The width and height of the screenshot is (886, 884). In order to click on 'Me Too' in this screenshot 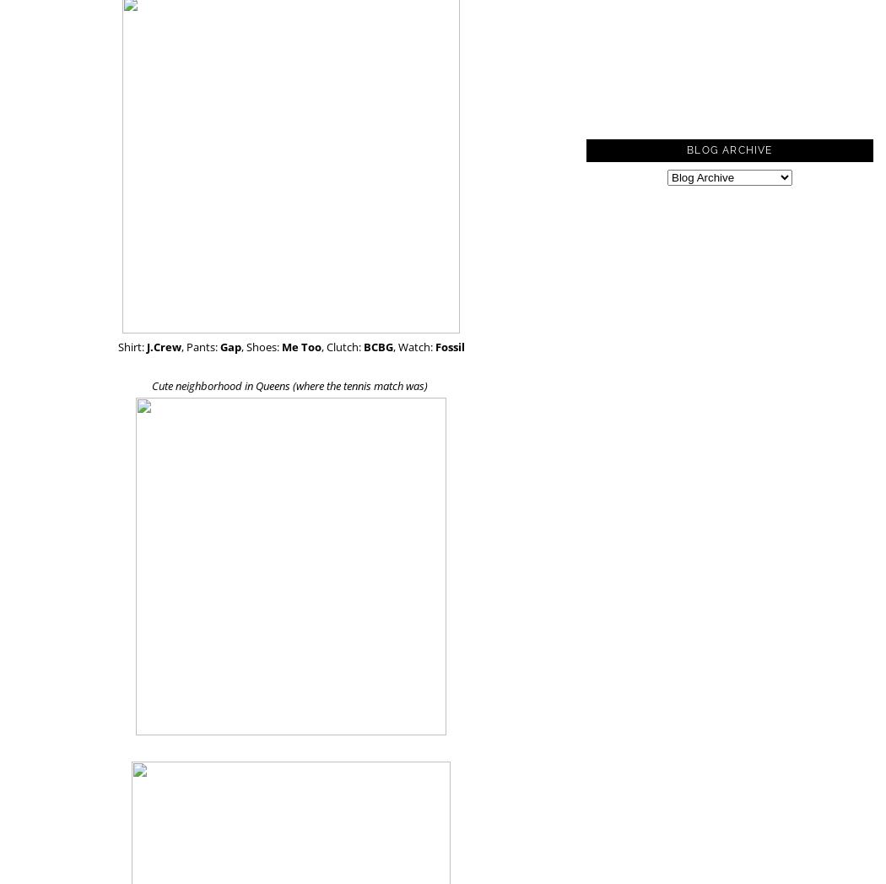, I will do `click(300, 346)`.